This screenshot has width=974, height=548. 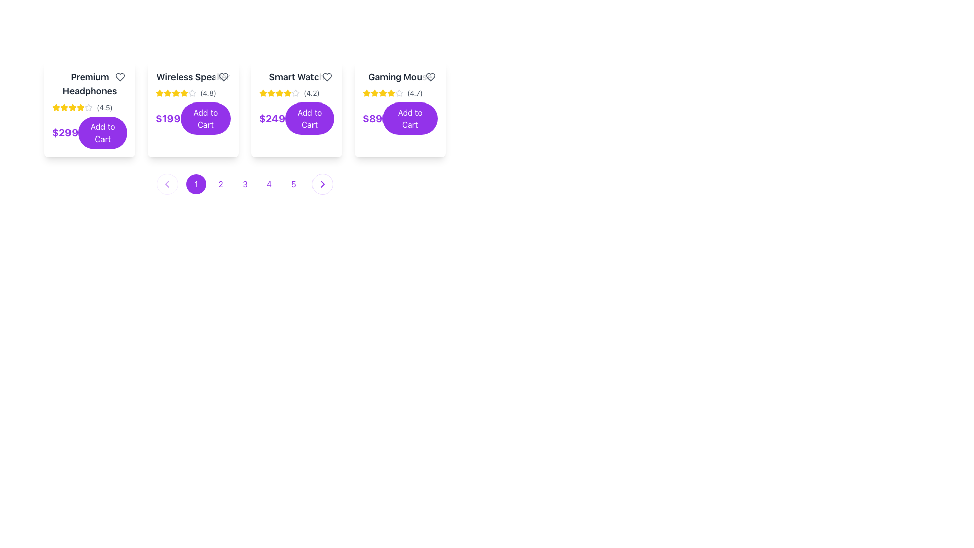 I want to click on rating score displayed in parentheses with a gray font color '(4.7)' from the static text label located in the card for the 'Gaming Mouse' product, so click(x=415, y=93).